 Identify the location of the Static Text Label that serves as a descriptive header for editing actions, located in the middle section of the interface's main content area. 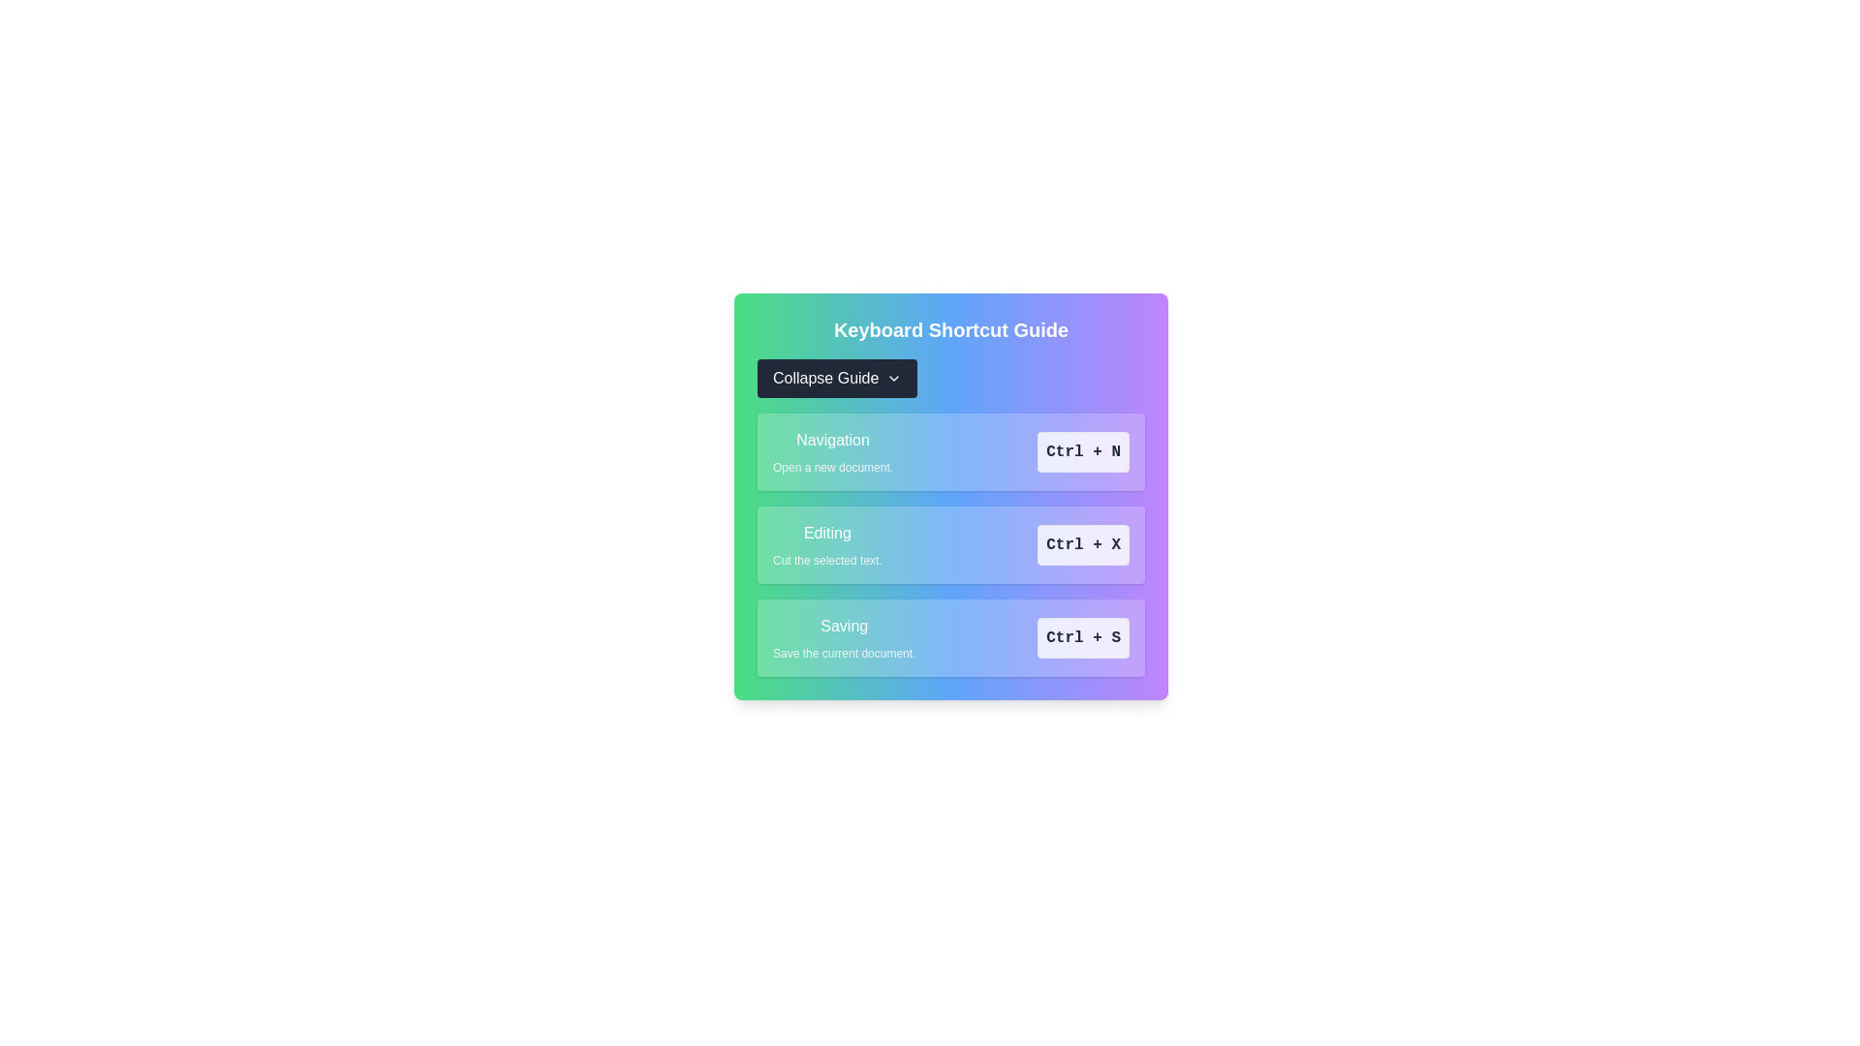
(827, 534).